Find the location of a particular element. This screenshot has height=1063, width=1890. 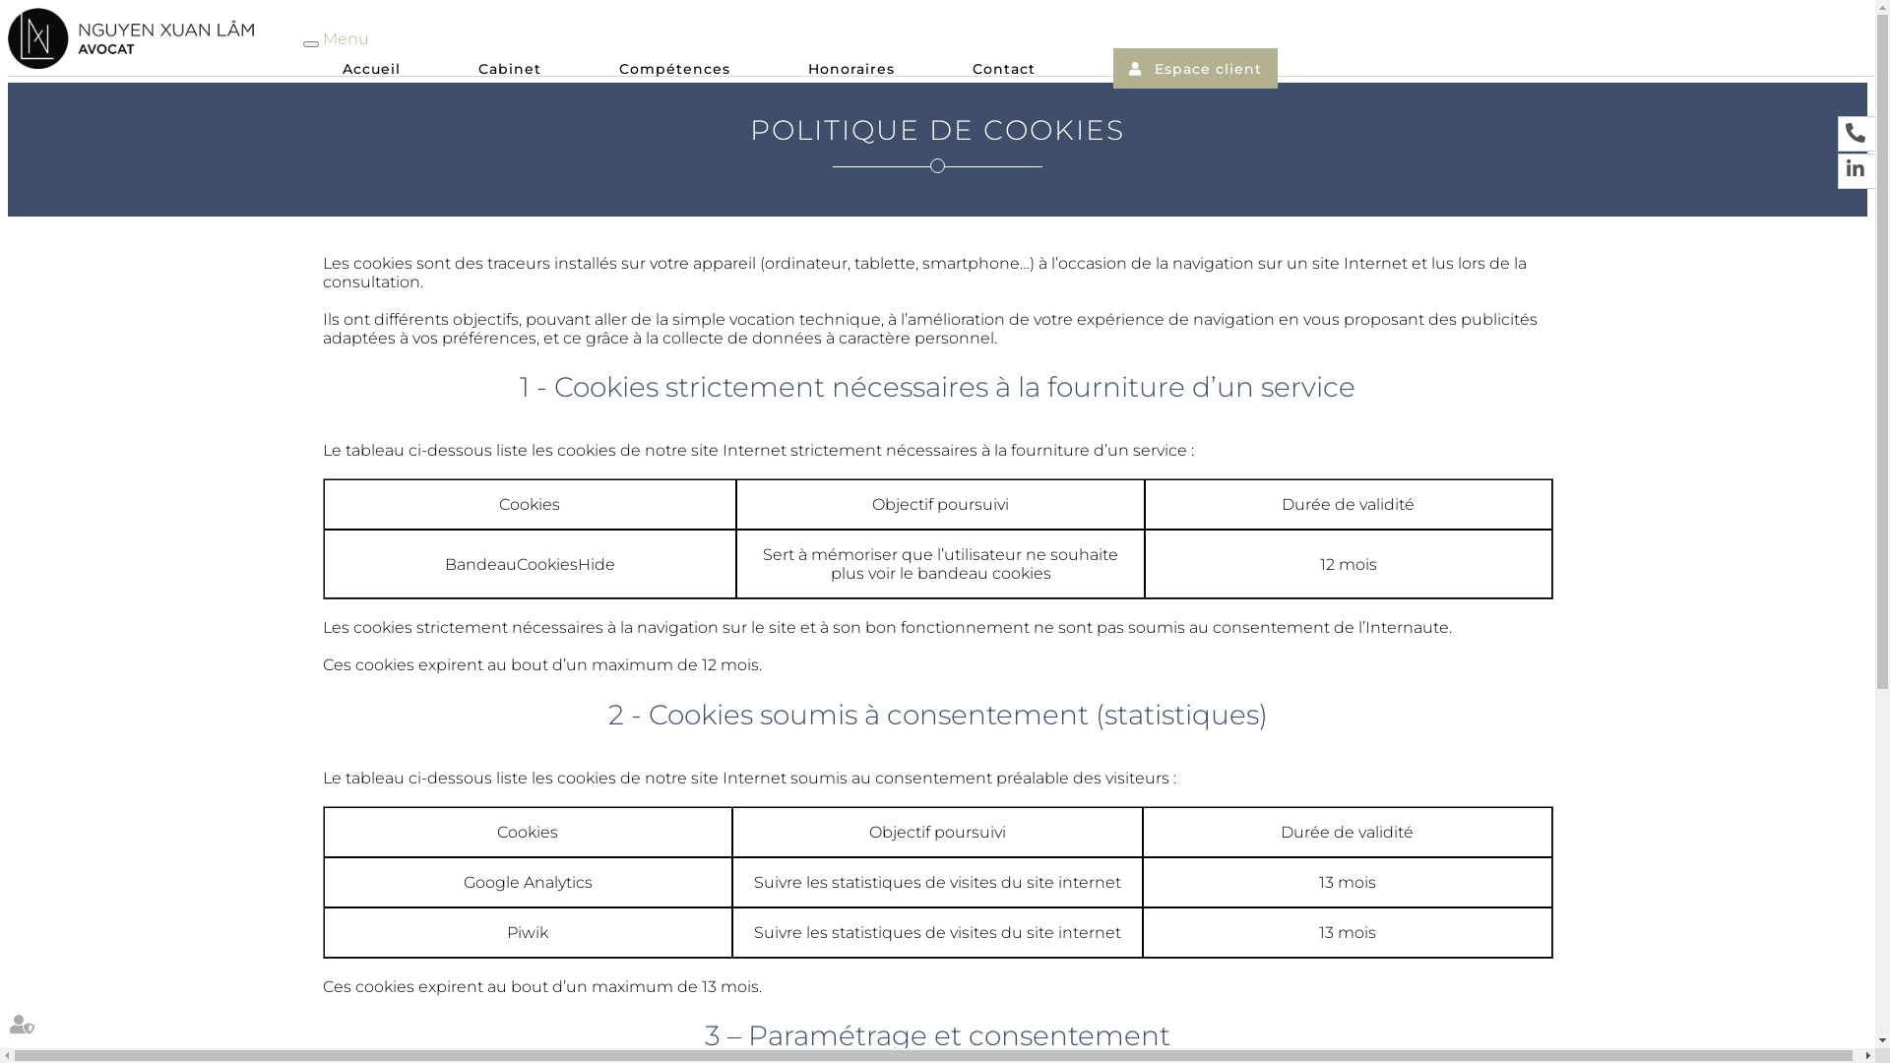

'Ouvrir le menu' is located at coordinates (310, 44).